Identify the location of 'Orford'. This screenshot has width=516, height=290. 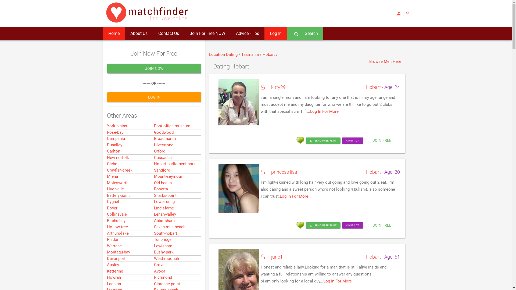
(159, 151).